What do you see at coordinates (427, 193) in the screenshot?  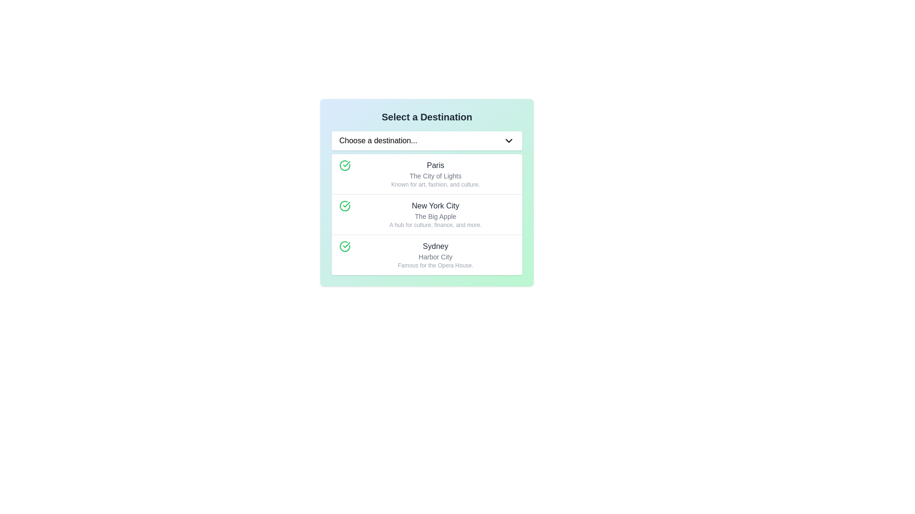 I see `the Interactive Panel, which is a rounded rectangular UI block with a gradient background from blue to green, containing a title and a dropdown selection box` at bounding box center [427, 193].